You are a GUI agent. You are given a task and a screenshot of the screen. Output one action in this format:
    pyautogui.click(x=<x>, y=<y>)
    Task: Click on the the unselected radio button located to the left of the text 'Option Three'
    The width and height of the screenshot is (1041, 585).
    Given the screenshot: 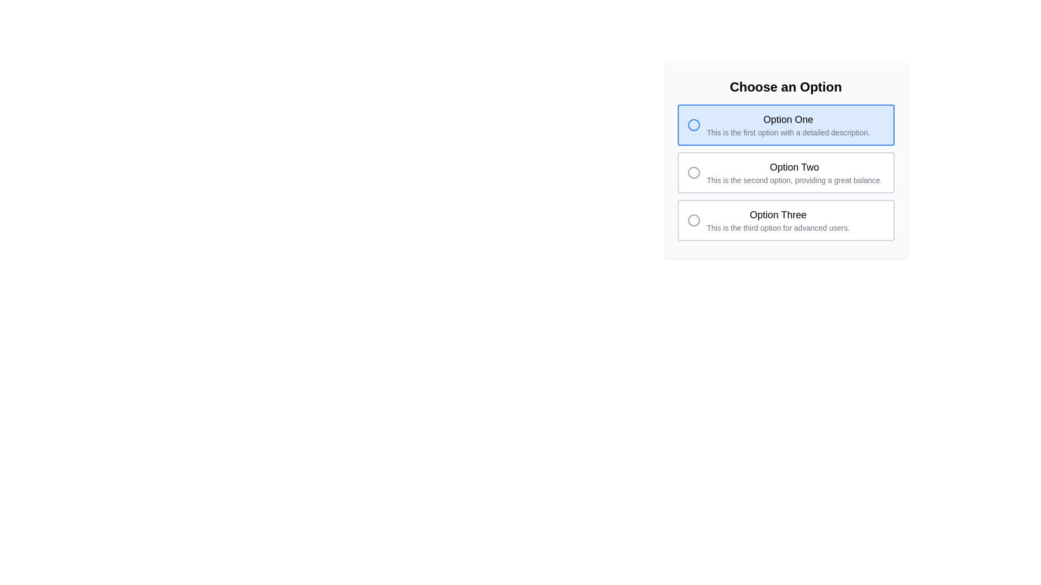 What is the action you would take?
    pyautogui.click(x=693, y=220)
    